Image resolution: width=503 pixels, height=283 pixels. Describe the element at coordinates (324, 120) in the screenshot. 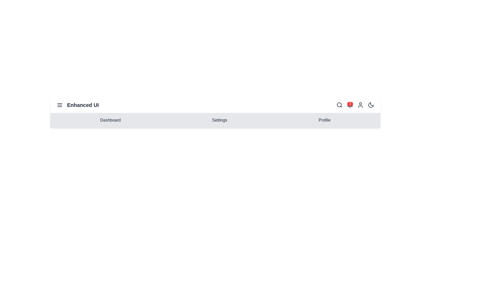

I see `the menu item Profile to navigate to the corresponding section` at that location.